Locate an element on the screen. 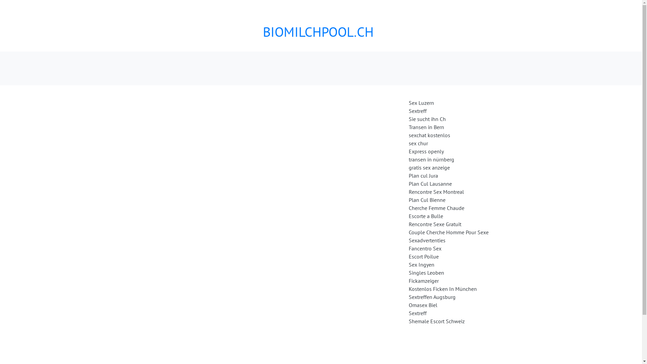 This screenshot has height=364, width=647. 'Express openly' is located at coordinates (425, 151).